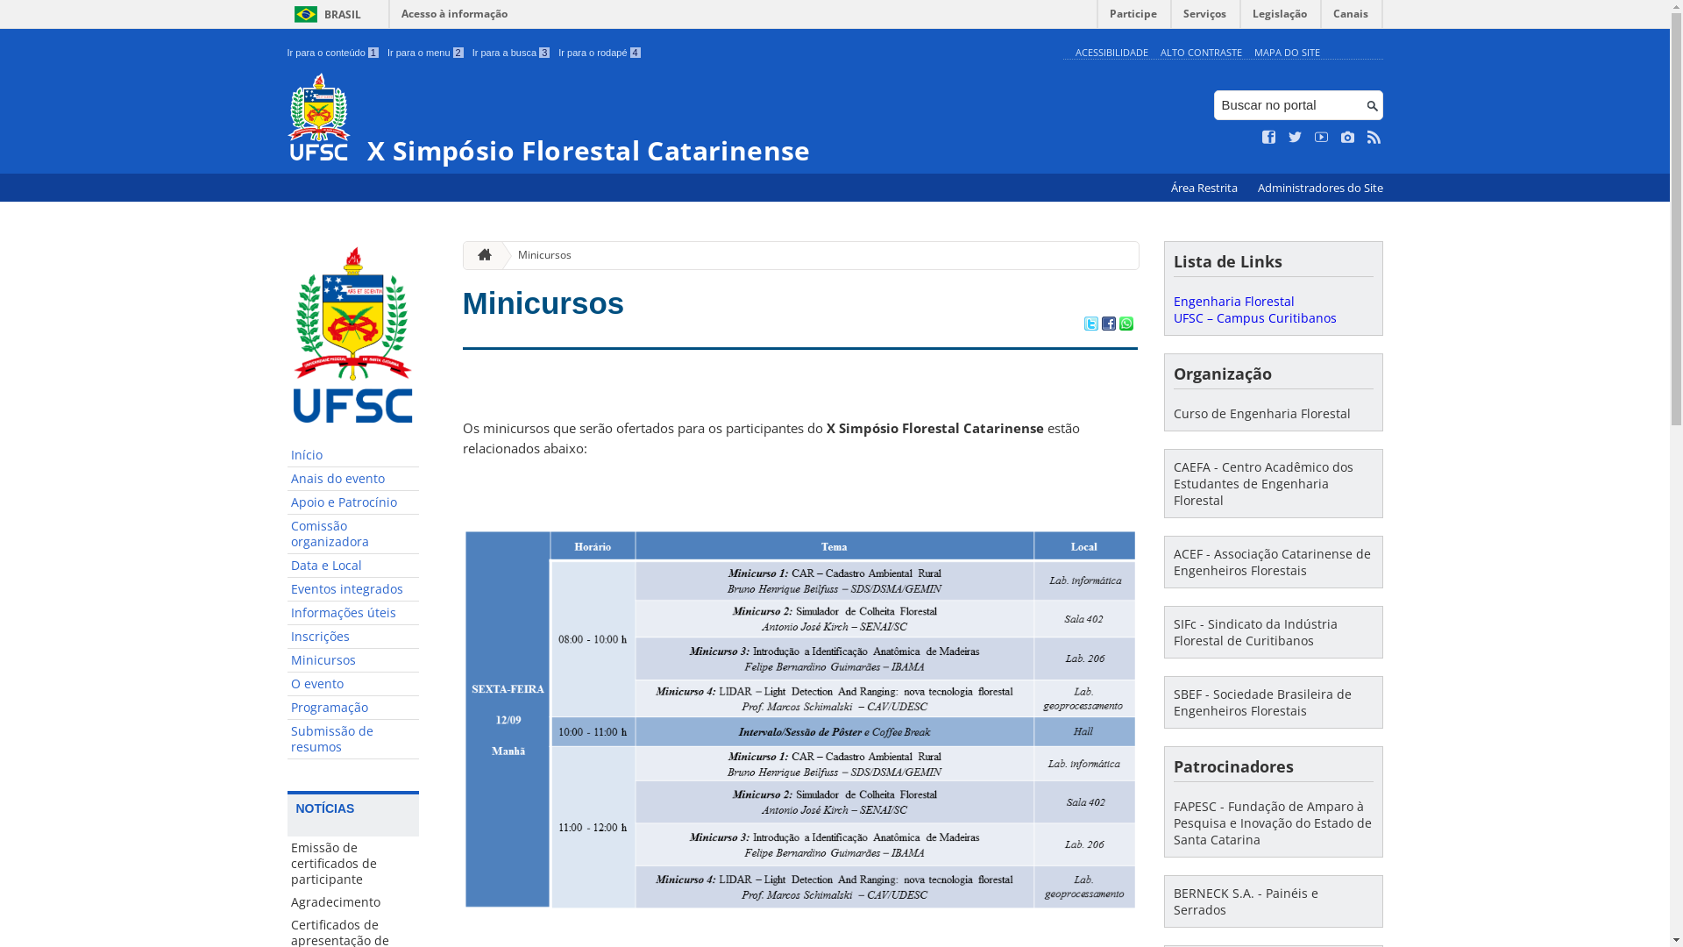  Describe the element at coordinates (1200, 51) in the screenshot. I see `'ALTO CONTRASTE'` at that location.